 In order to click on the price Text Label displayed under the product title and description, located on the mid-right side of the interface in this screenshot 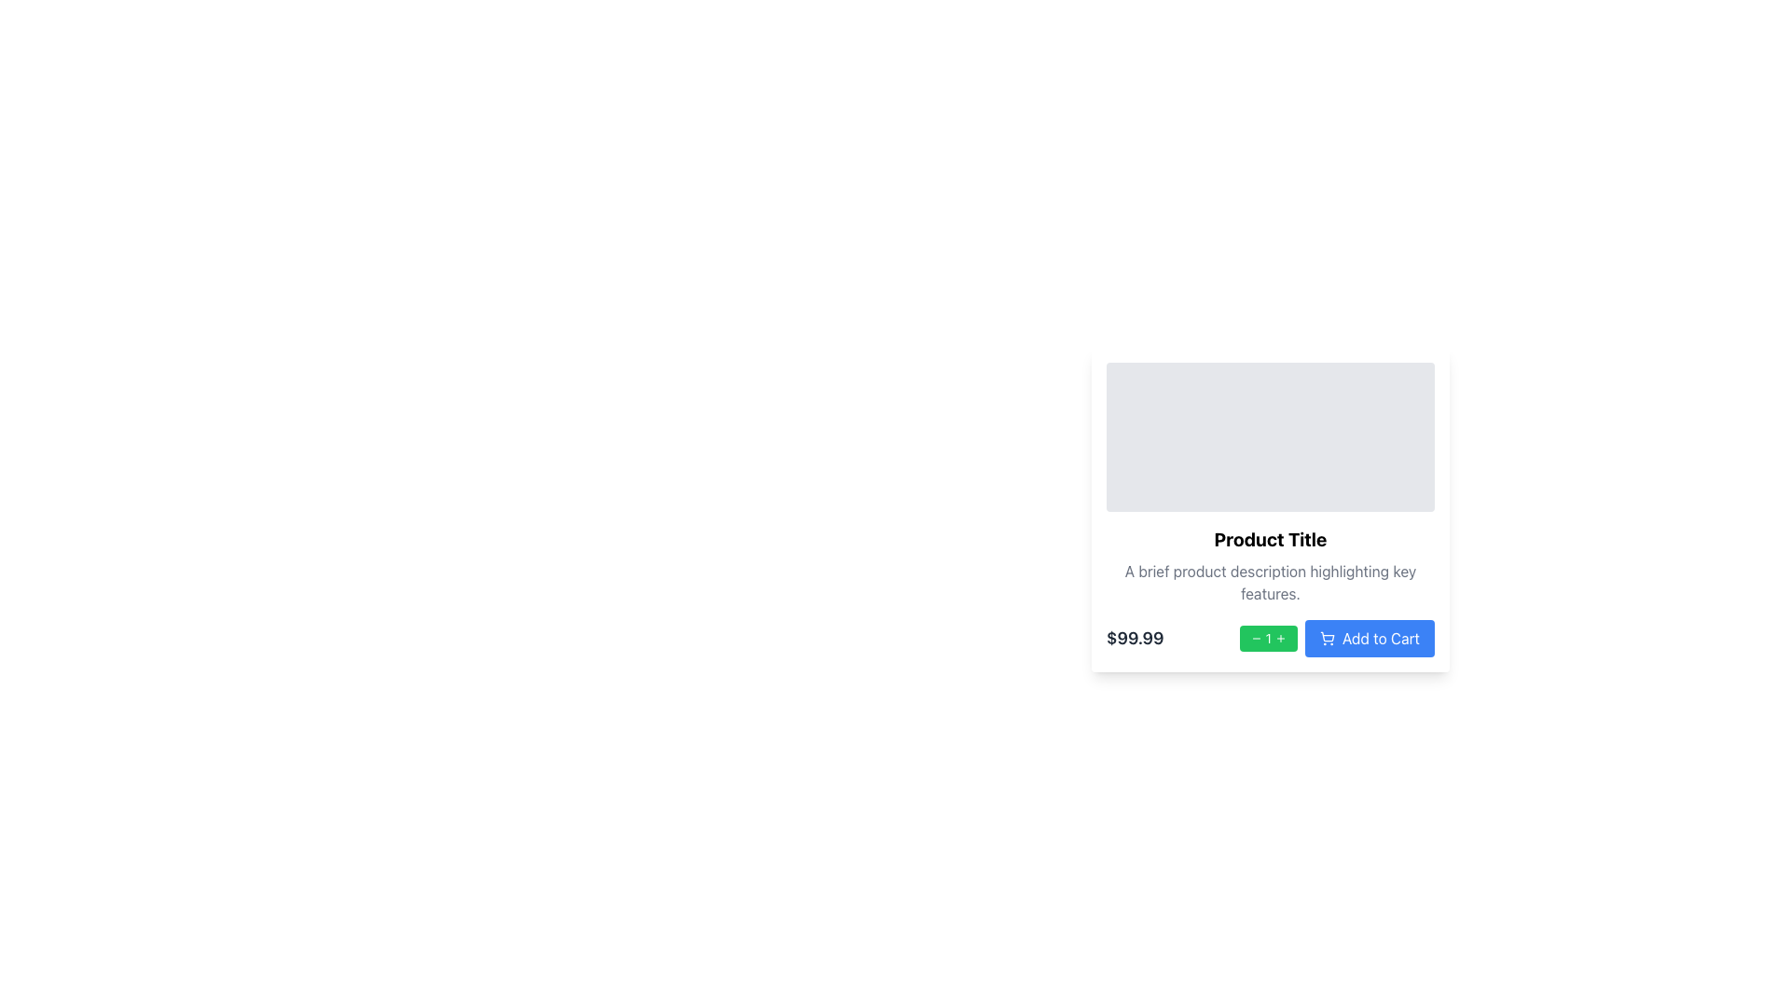, I will do `click(1134, 638)`.